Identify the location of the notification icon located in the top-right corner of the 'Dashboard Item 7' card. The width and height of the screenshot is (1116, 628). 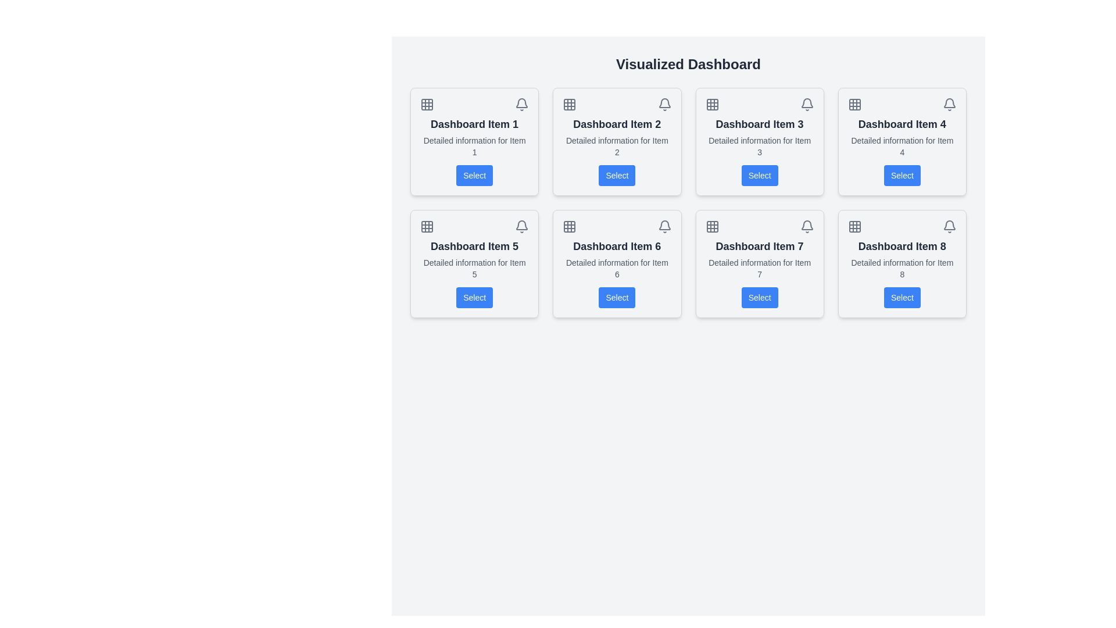
(806, 226).